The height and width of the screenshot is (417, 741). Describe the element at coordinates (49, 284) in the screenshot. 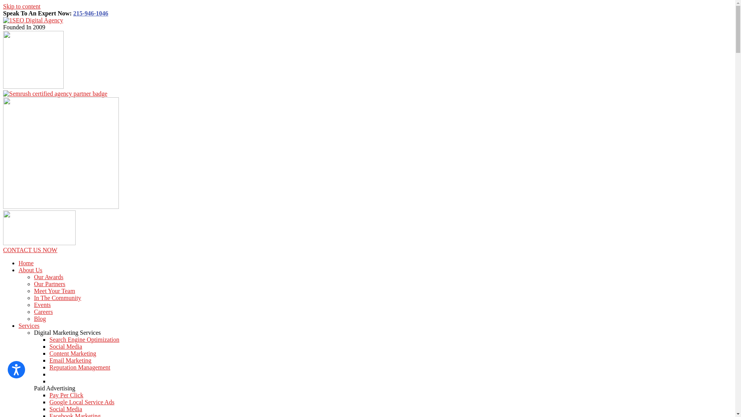

I see `'Our Partners'` at that location.